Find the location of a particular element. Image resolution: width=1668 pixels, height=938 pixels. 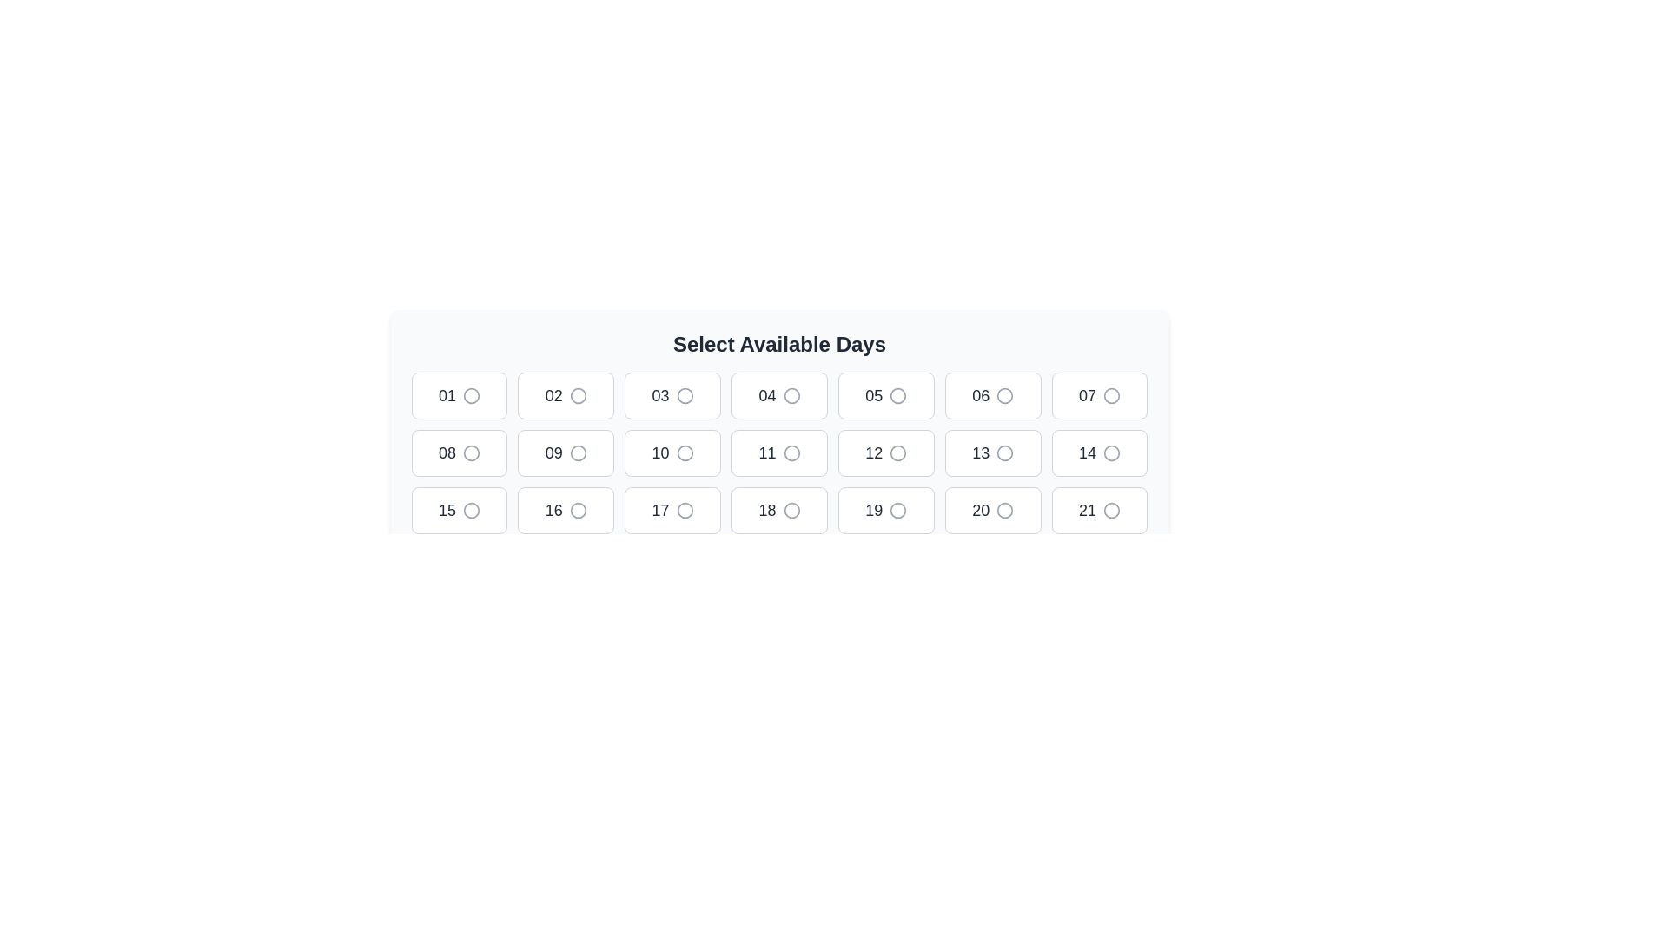

the button labeled with the number '16' located in the third row and second column of the grid under the heading 'Select Available Days' is located at coordinates (553, 509).